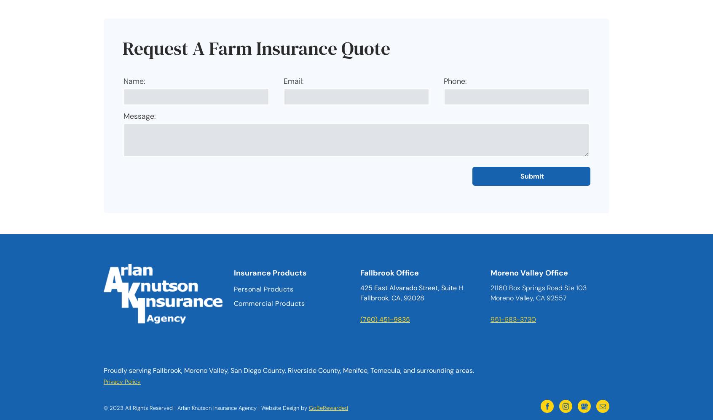 The width and height of the screenshot is (713, 420). I want to click on 'Personal Products', so click(263, 289).